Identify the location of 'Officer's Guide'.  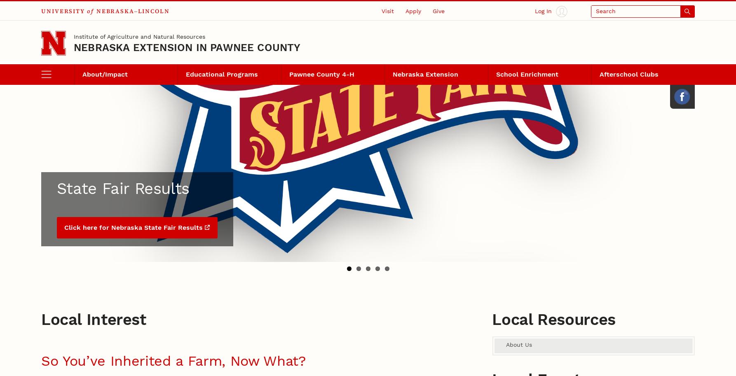
(106, 106).